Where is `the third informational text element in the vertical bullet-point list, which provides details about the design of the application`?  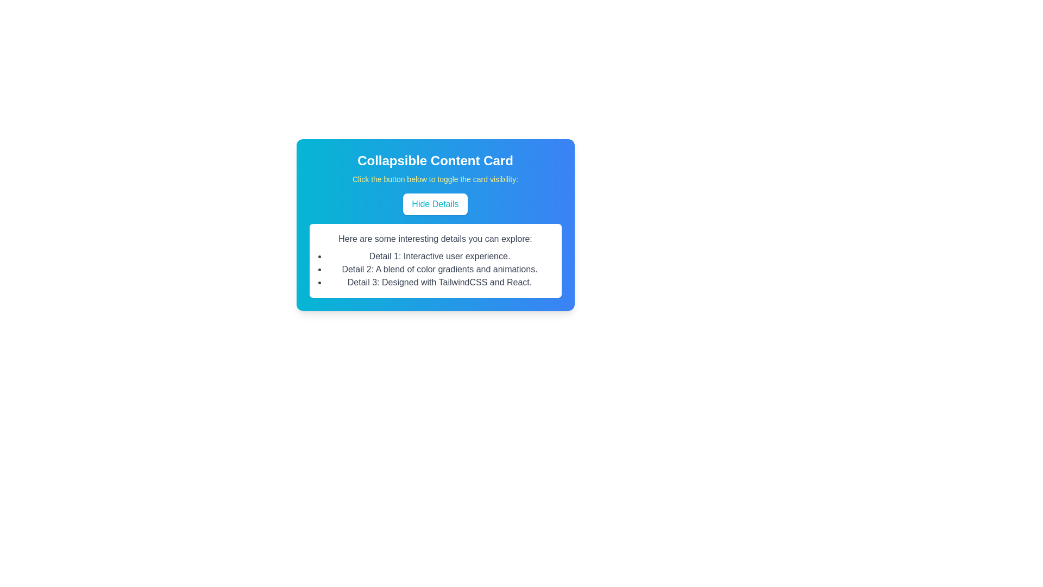
the third informational text element in the vertical bullet-point list, which provides details about the design of the application is located at coordinates (439, 282).